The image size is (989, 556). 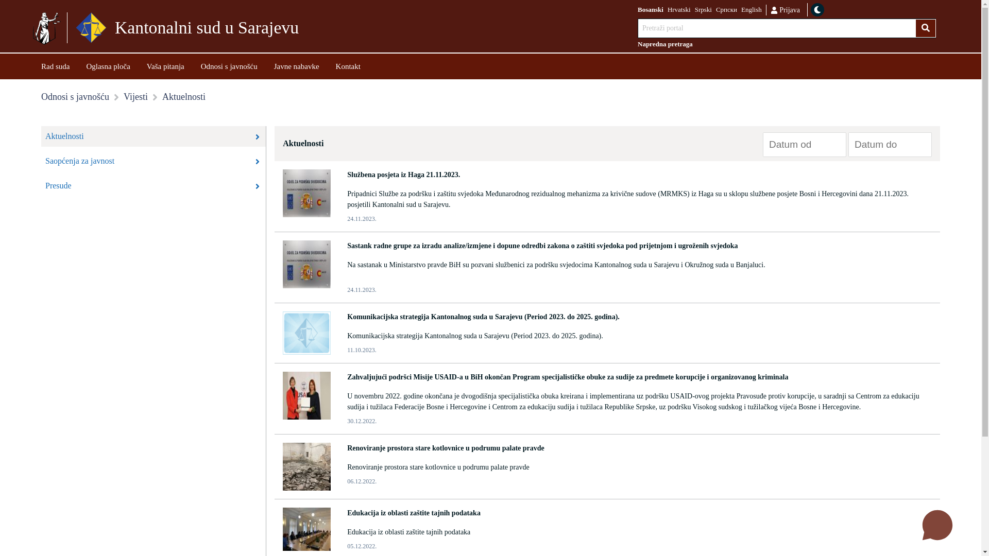 I want to click on 'Presude', so click(x=152, y=186).